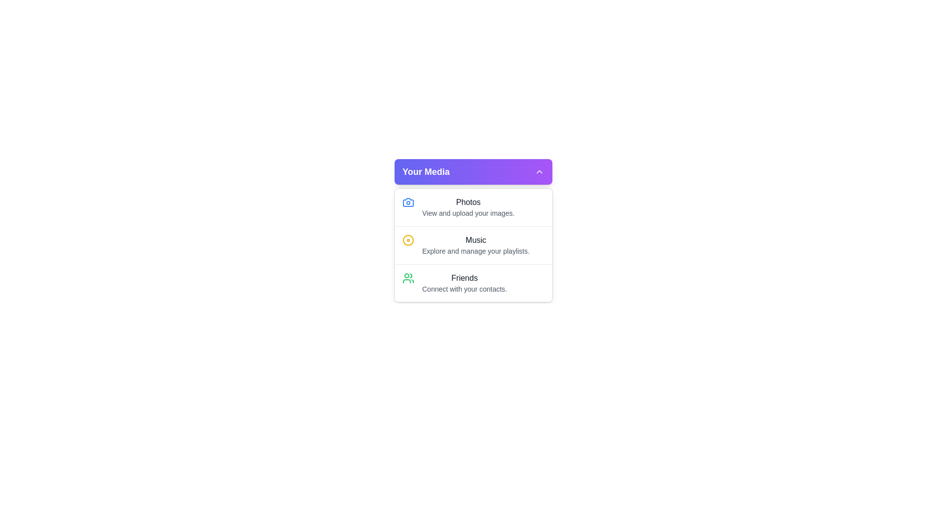 The image size is (947, 532). Describe the element at coordinates (468, 202) in the screenshot. I see `the Text Label that serves as a title for the photo management section, located above 'View and upload your images.'` at that location.